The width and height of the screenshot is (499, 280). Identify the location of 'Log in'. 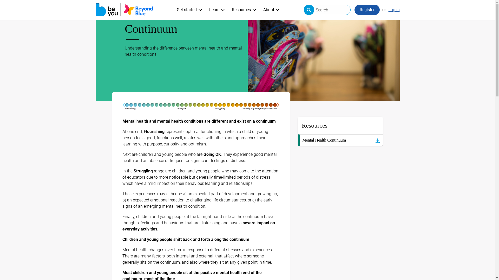
(394, 10).